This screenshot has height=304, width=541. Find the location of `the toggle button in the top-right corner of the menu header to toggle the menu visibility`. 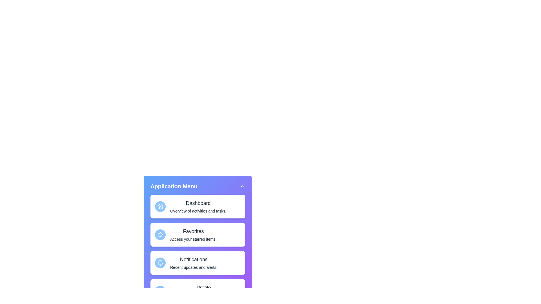

the toggle button in the top-right corner of the menu header to toggle the menu visibility is located at coordinates (242, 186).